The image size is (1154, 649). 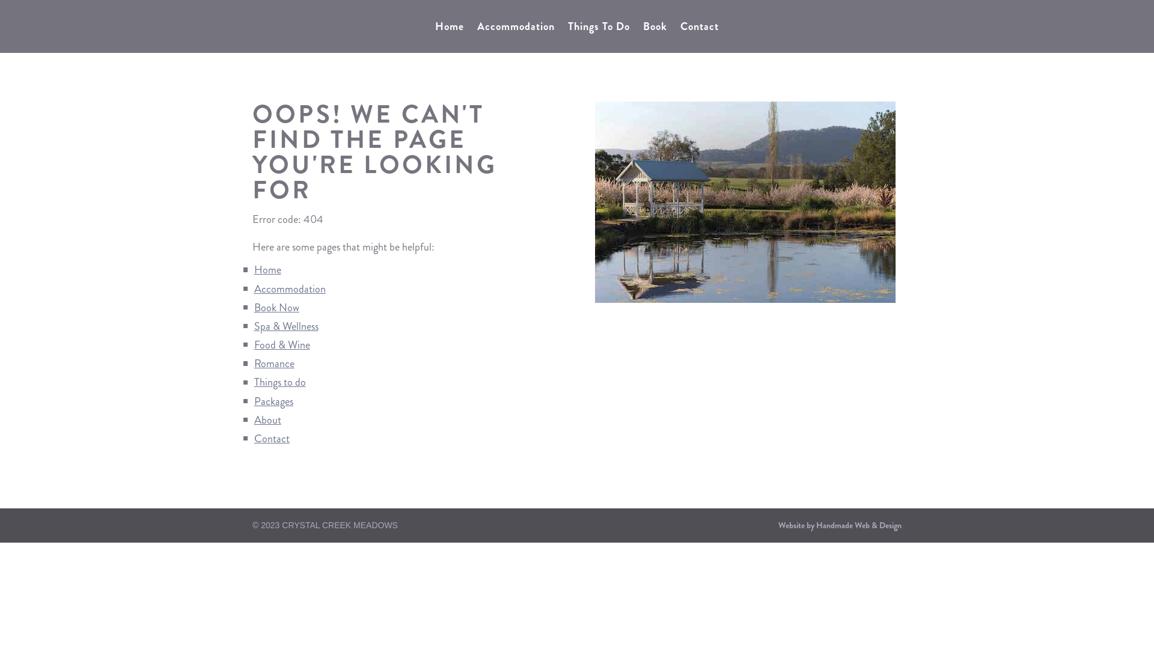 I want to click on 'Accommodation', so click(x=516, y=28).